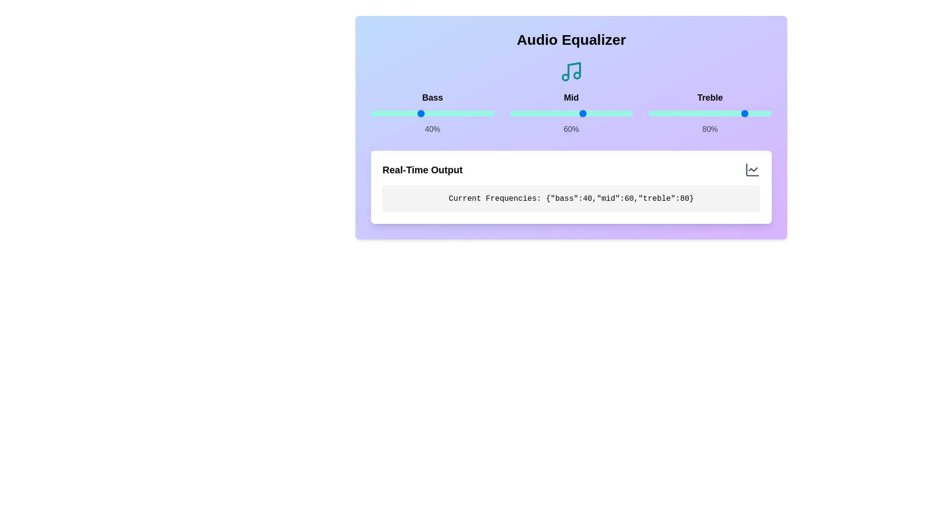 The image size is (925, 520). Describe the element at coordinates (710, 113) in the screenshot. I see `the percentage text of the treble control in the audio equalizer` at that location.